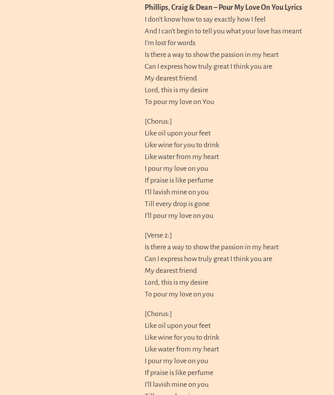  Describe the element at coordinates (223, 30) in the screenshot. I see `'And I can’t begin to tell you what your love has meant'` at that location.